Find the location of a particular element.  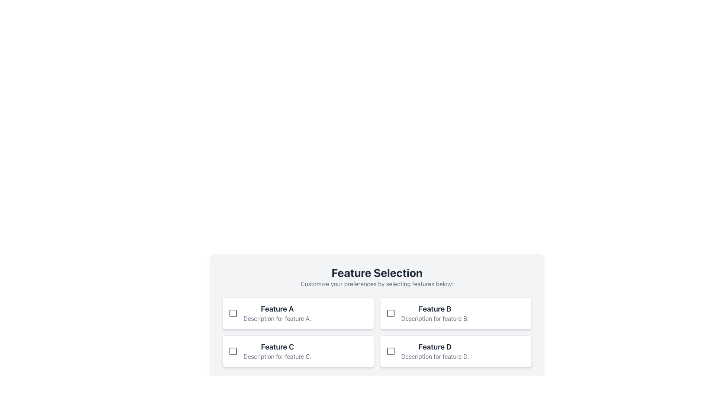

the visual indicator within the checkbox (non-interactive) located in the top-left corner of the first item ('Feature A') in the list of selectable features is located at coordinates (233, 313).